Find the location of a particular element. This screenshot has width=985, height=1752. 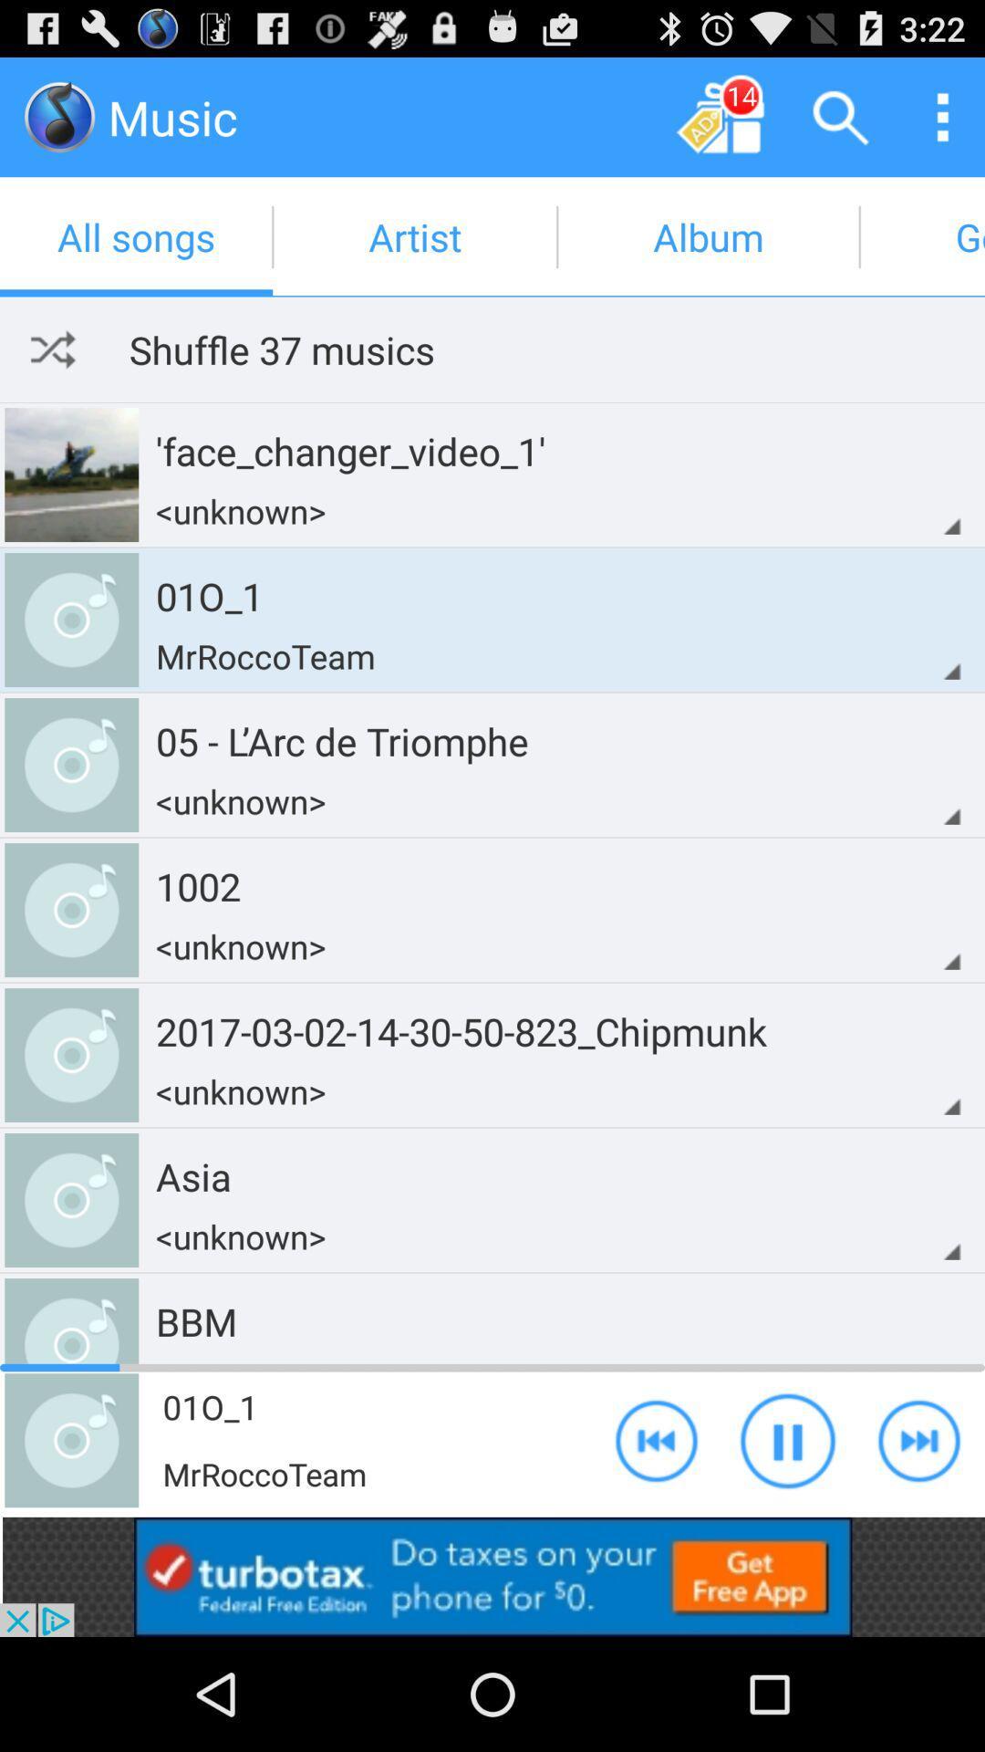

search is located at coordinates (841, 116).